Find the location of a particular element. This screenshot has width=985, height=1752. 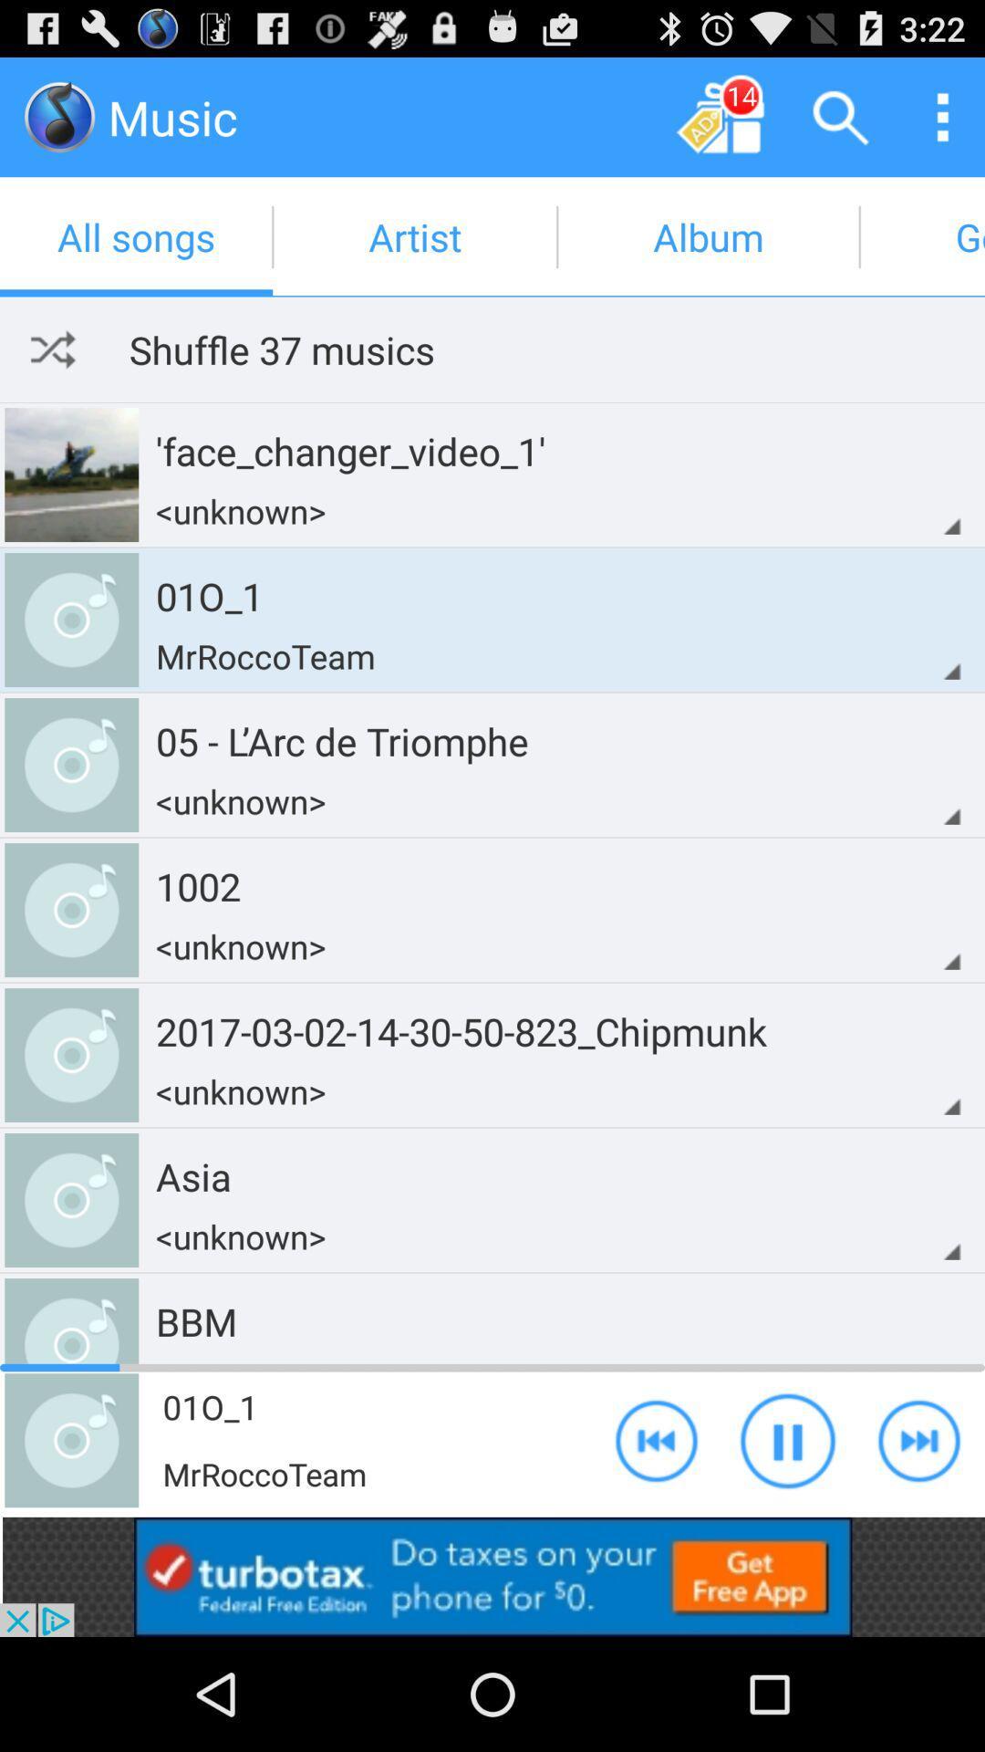

search is located at coordinates (841, 116).